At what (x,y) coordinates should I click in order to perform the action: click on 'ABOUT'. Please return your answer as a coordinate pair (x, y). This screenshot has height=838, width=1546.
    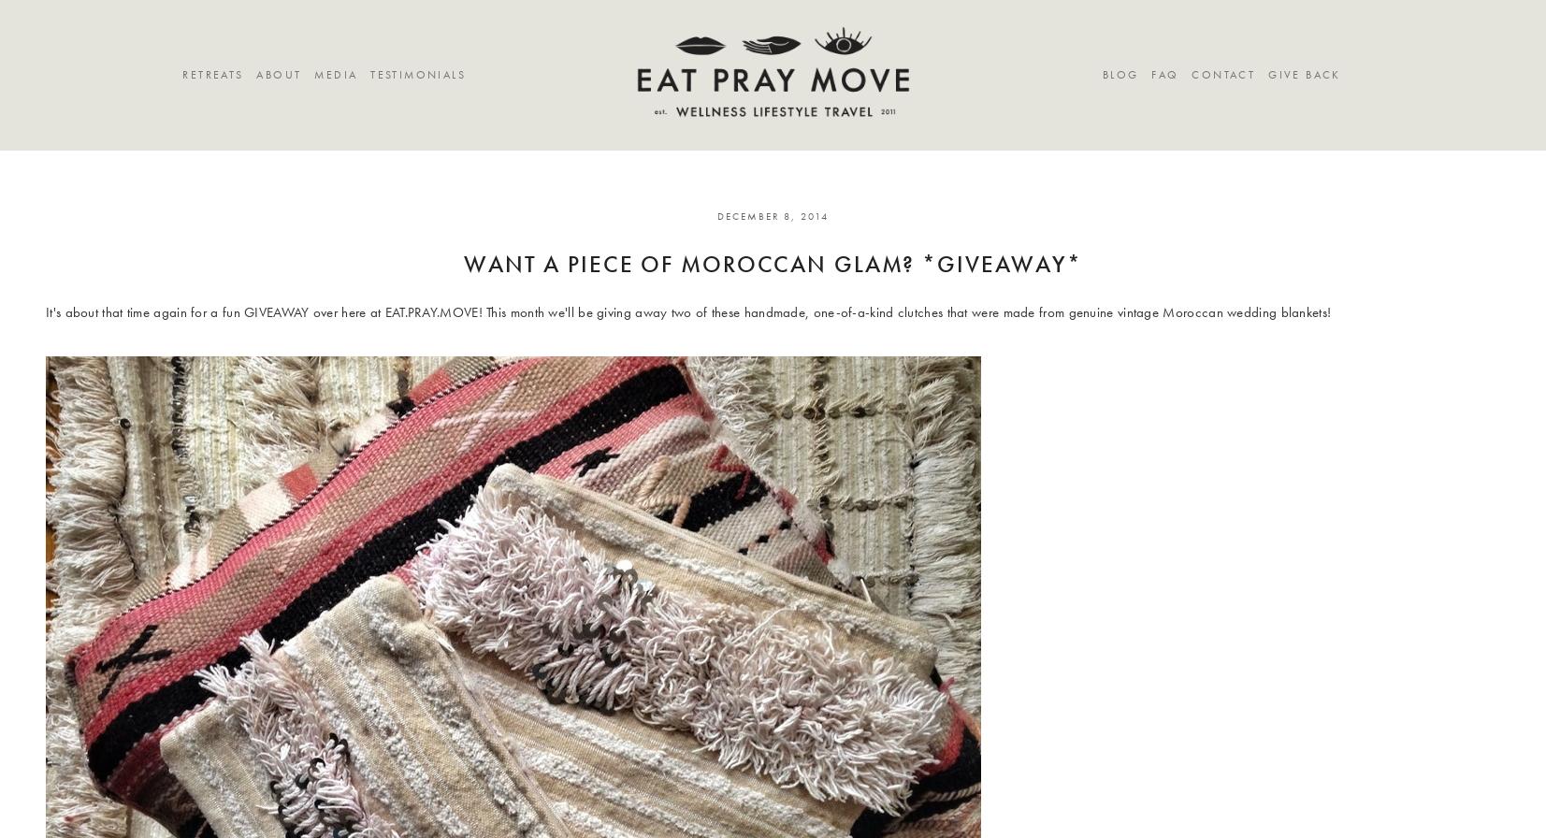
    Looking at the image, I should click on (255, 75).